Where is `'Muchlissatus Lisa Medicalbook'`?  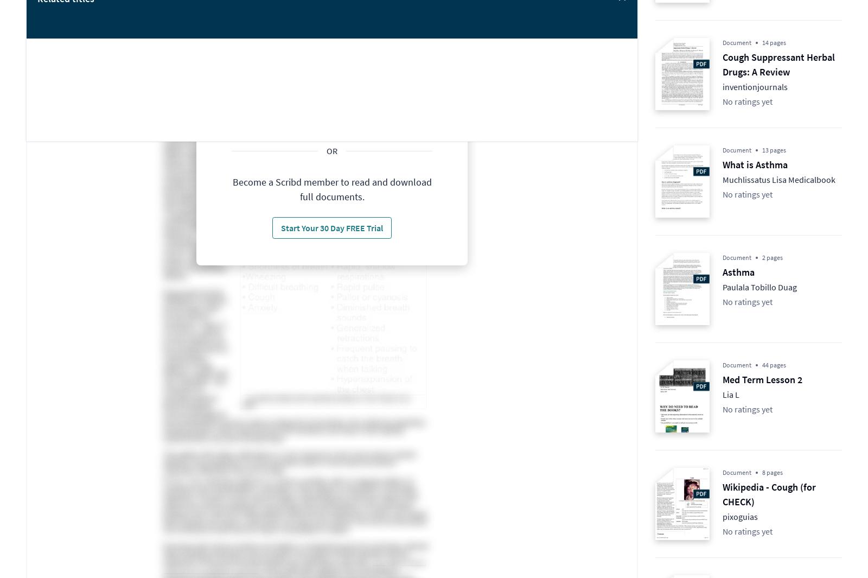
'Muchlissatus Lisa Medicalbook' is located at coordinates (779, 179).